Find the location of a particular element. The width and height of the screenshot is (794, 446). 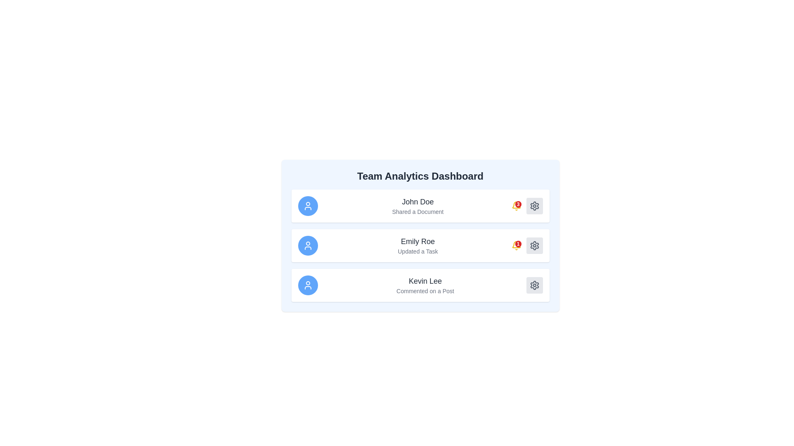

the Notification Badge icon located in the top row of the dashboard, between the 'John Doe' profile and the settings gear icon is located at coordinates (516, 205).